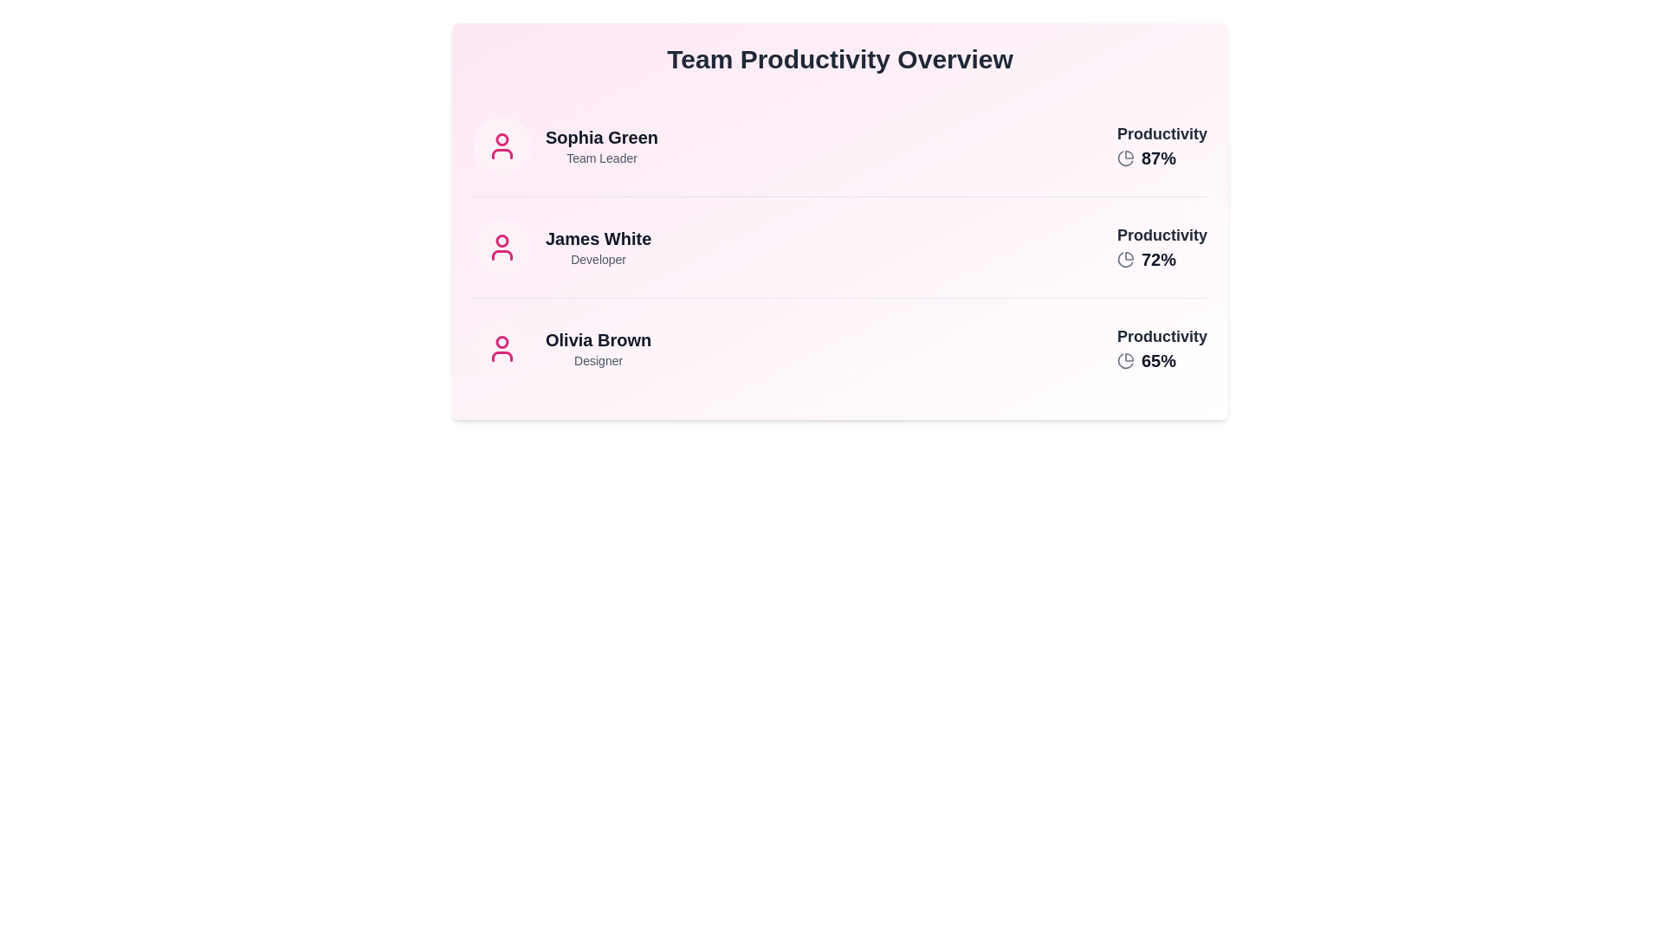 The image size is (1663, 935). Describe the element at coordinates (1126, 260) in the screenshot. I see `the circular pie chart icon with a thin gray stroke located to the left of the bold '72%' text in the 'James White' productivity row` at that location.